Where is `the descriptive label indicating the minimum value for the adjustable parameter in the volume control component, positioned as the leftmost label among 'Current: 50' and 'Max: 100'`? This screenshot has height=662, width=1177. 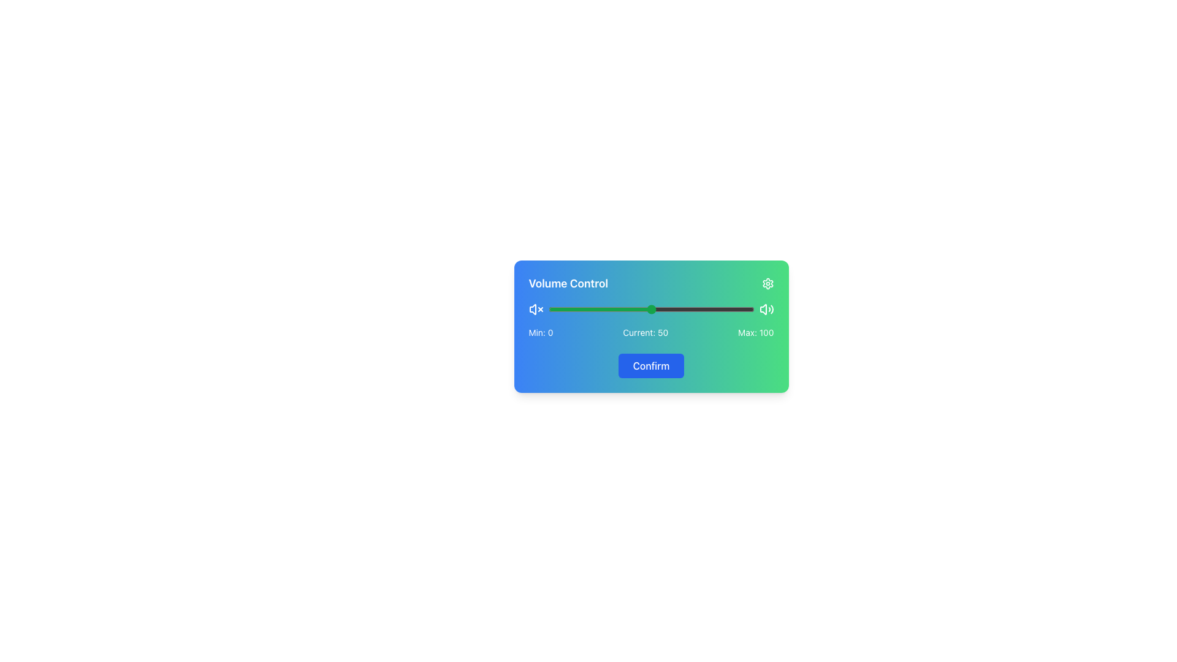 the descriptive label indicating the minimum value for the adjustable parameter in the volume control component, positioned as the leftmost label among 'Current: 50' and 'Max: 100' is located at coordinates (540, 333).